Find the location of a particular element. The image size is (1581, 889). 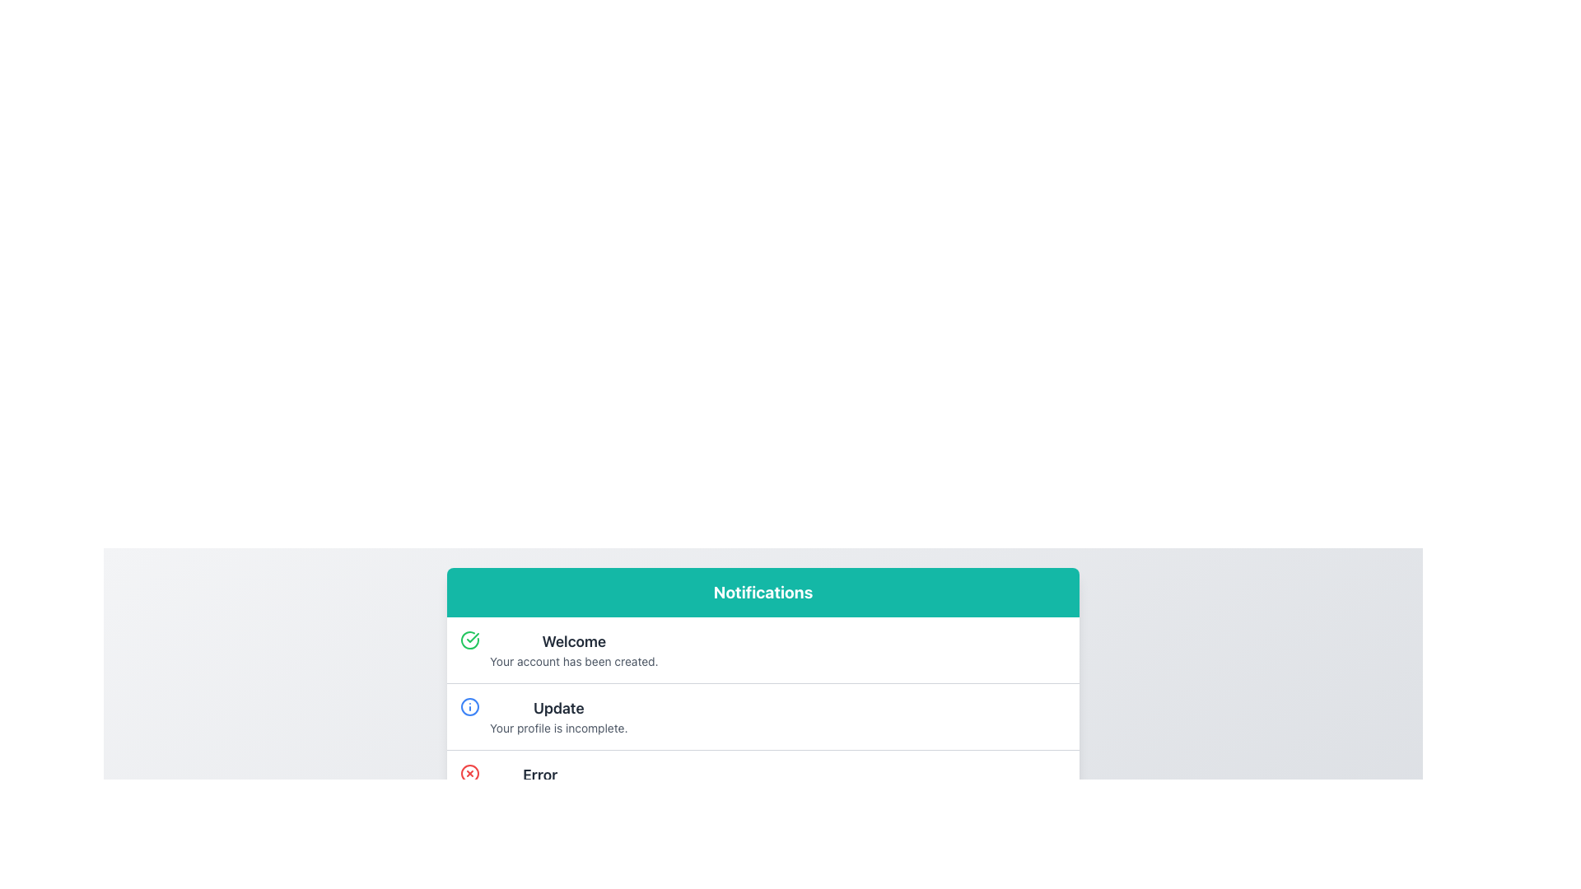

text label displaying 'Welcome' which is prominently positioned at the top of the notification item is located at coordinates (574, 640).